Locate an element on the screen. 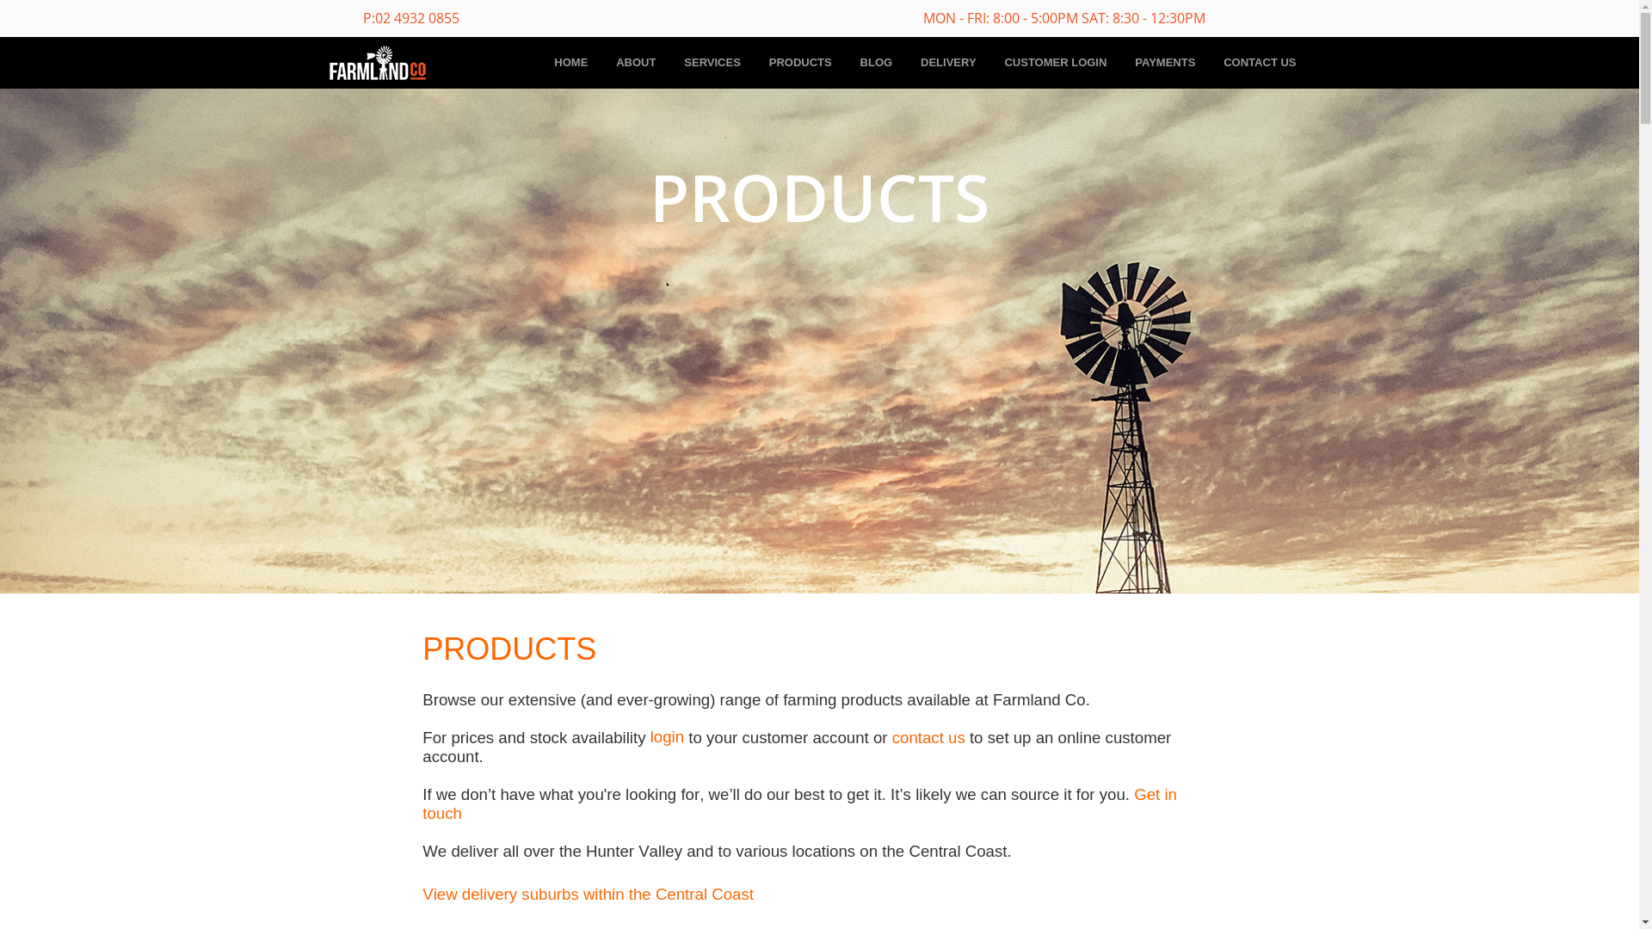 The width and height of the screenshot is (1652, 929). 'DELIVERY' is located at coordinates (947, 62).